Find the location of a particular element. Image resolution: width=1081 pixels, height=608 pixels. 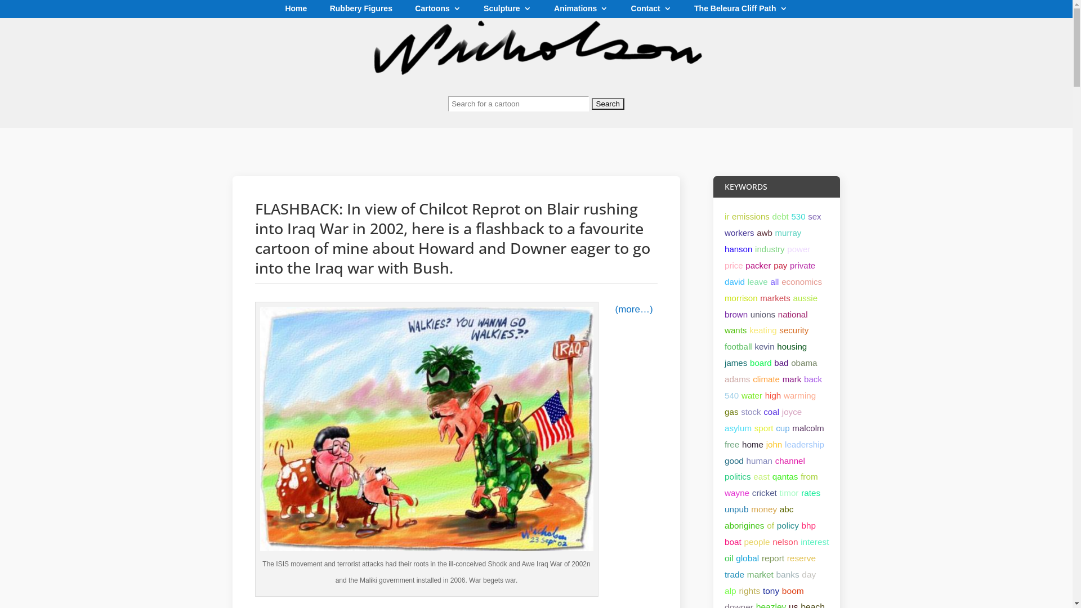

'rates' is located at coordinates (811, 492).